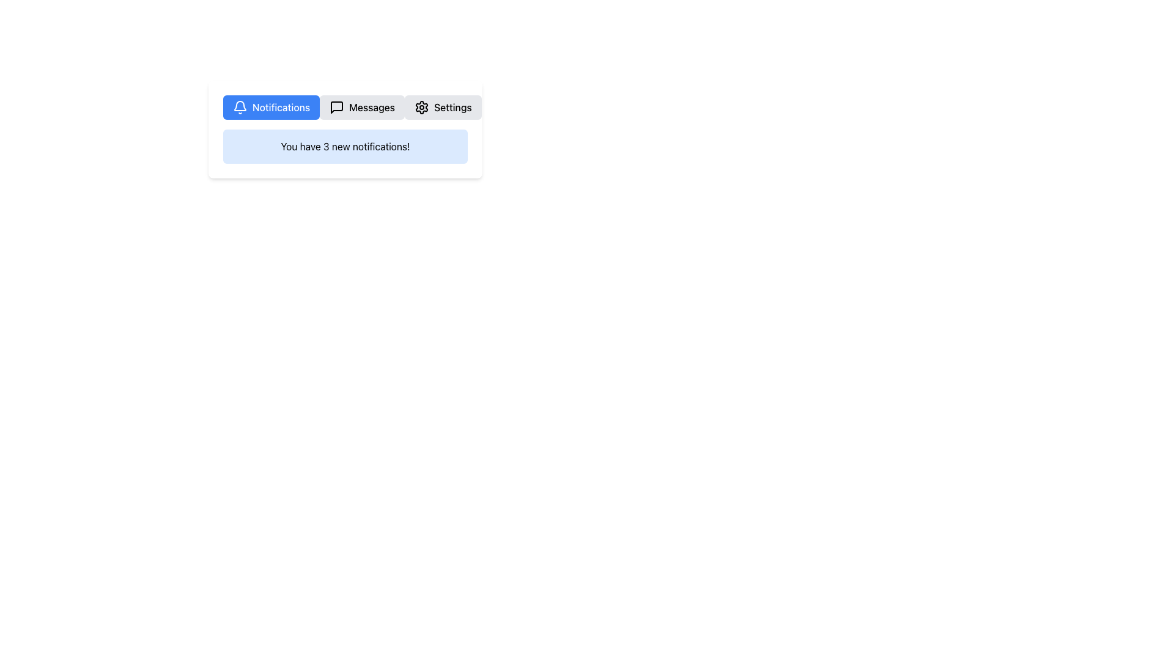  Describe the element at coordinates (345, 145) in the screenshot. I see `the Informational Text element displaying 'You have 3 new notifications!' which is centrally located within a blue-shaded background` at that location.